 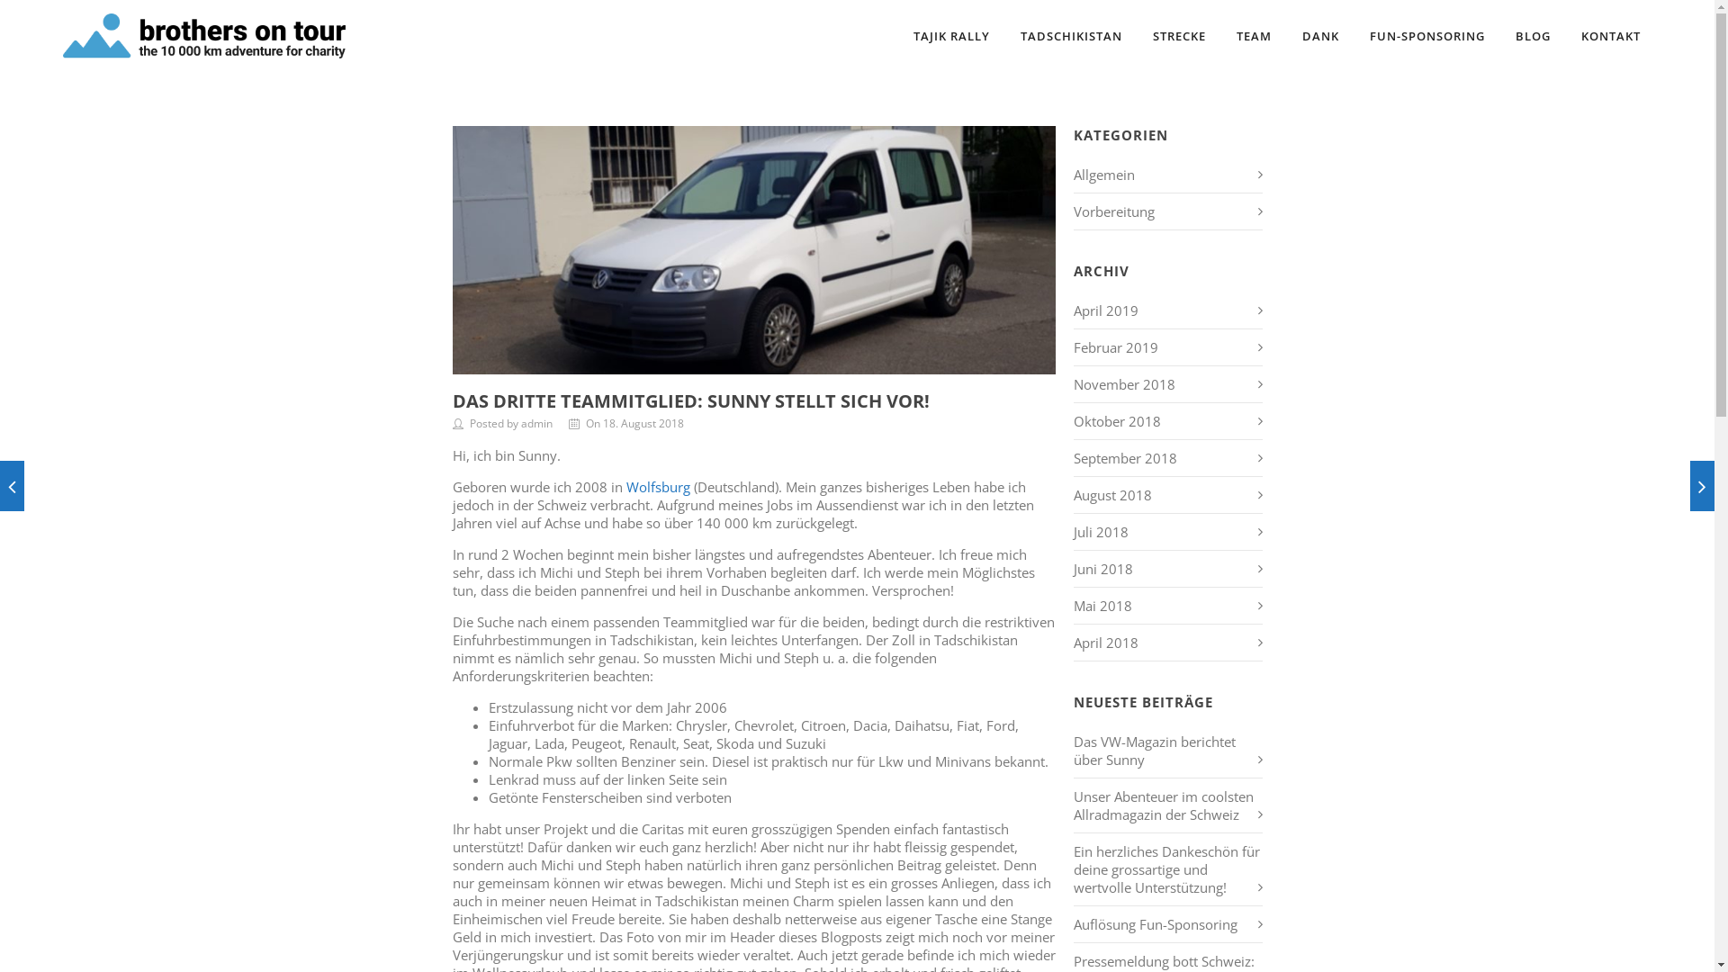 What do you see at coordinates (1291, 35) in the screenshot?
I see `'DANK'` at bounding box center [1291, 35].